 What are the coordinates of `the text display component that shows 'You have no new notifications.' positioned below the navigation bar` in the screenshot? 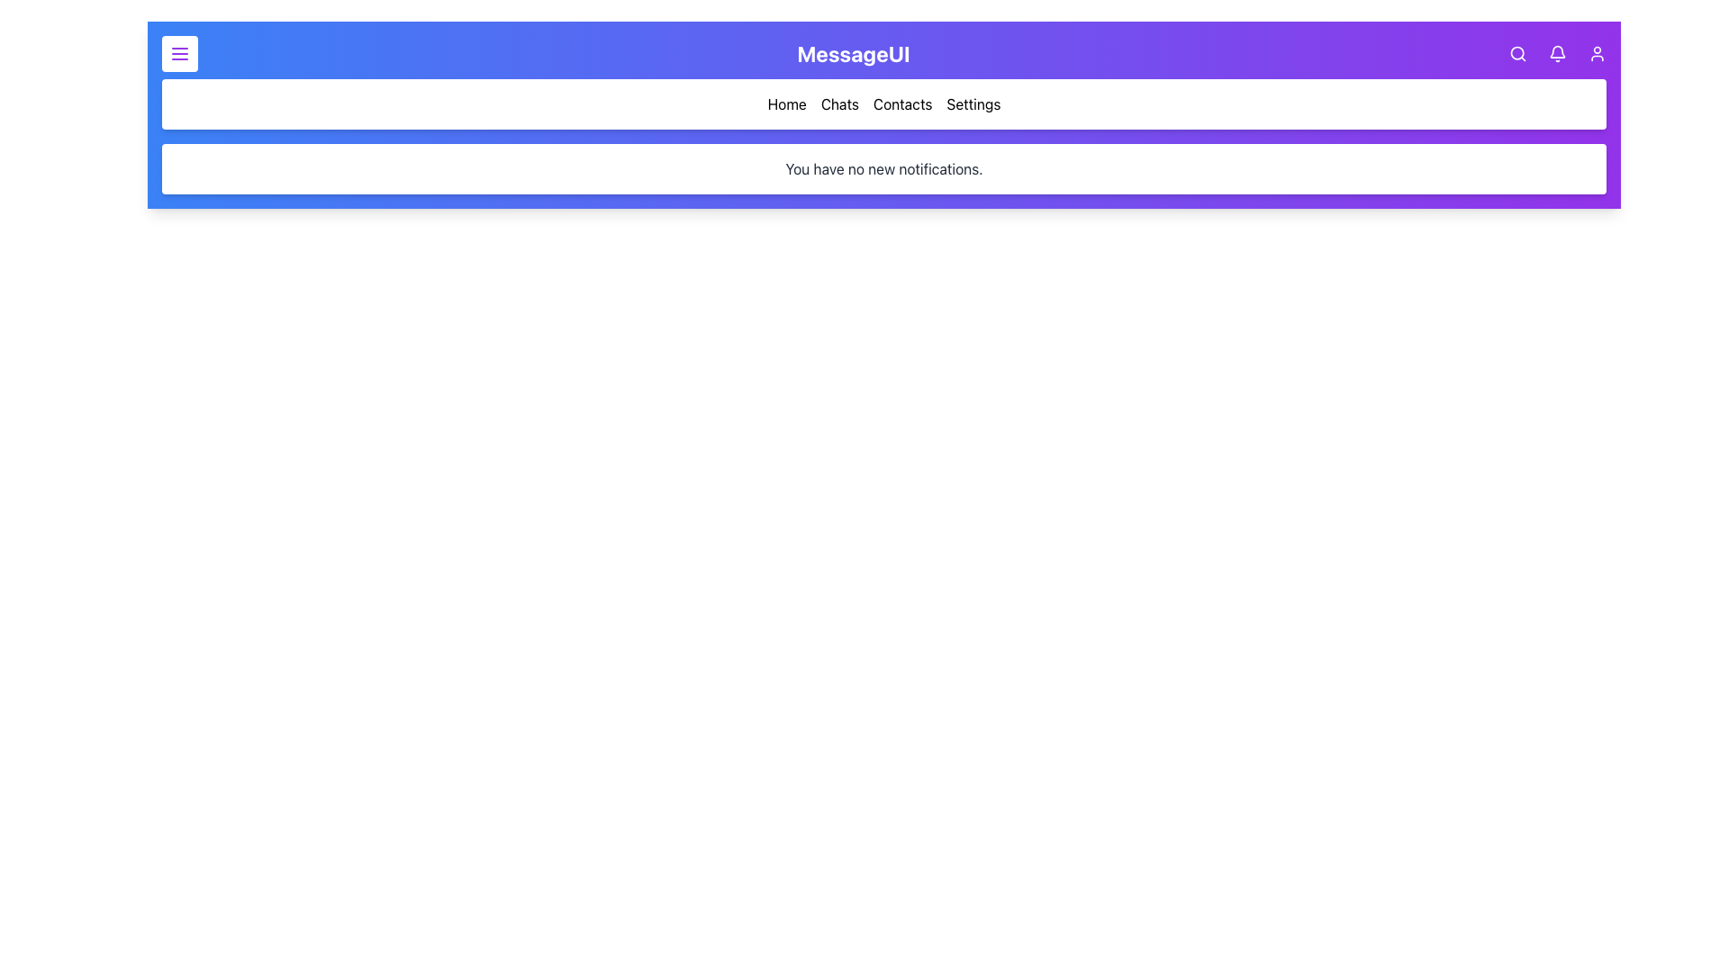 It's located at (884, 169).